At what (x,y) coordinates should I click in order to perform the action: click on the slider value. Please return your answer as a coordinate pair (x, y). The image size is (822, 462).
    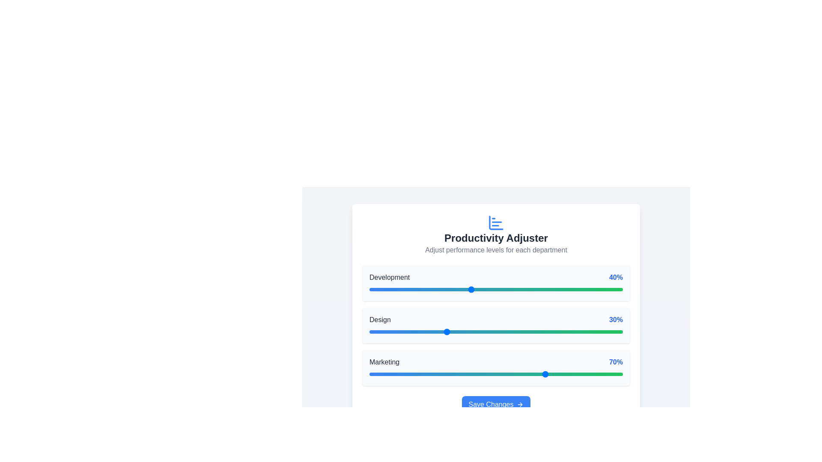
    Looking at the image, I should click on (577, 374).